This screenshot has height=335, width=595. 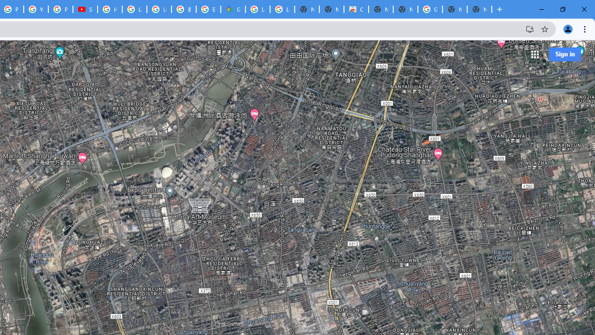 What do you see at coordinates (529, 28) in the screenshot?
I see `'Install Google Maps'` at bounding box center [529, 28].